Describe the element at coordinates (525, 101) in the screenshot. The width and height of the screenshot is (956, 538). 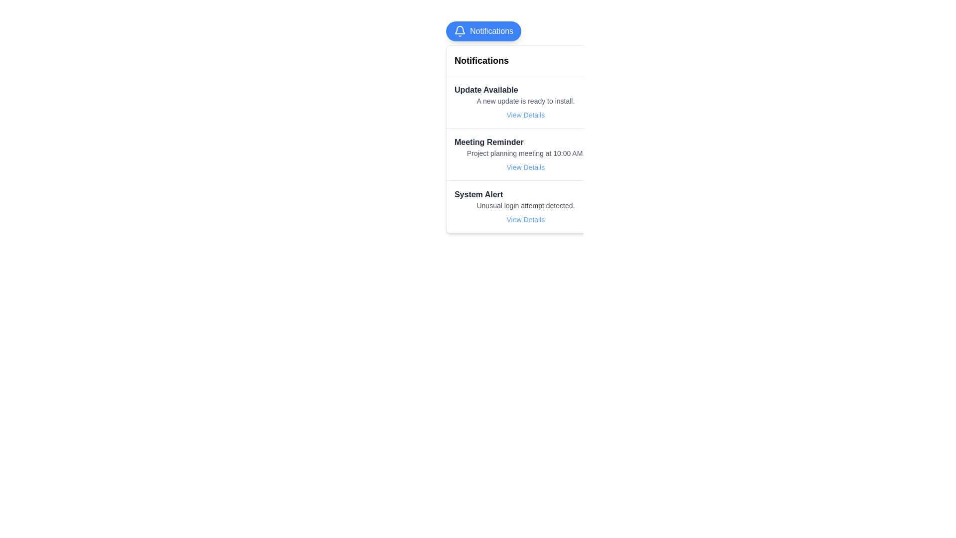
I see `detailed text below the title 'Update Available' to understand the update details` at that location.